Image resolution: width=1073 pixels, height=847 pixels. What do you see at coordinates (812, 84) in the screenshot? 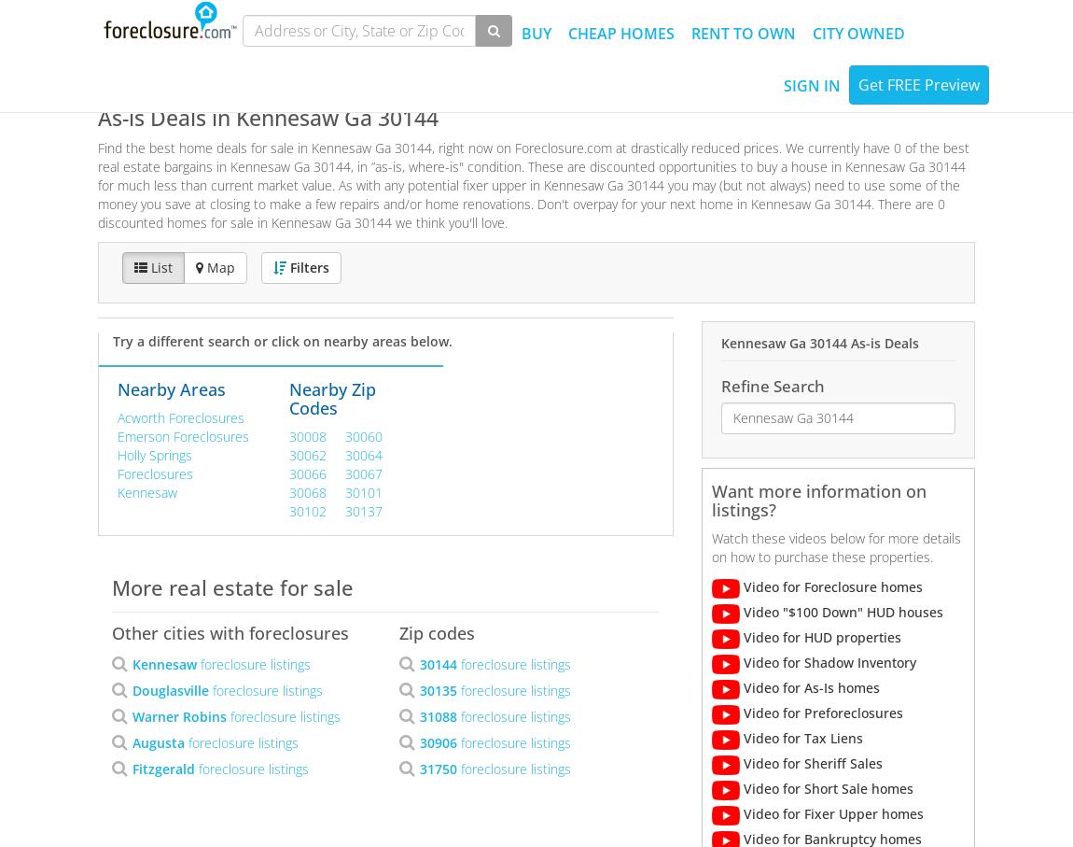
I see `'Sign In'` at bounding box center [812, 84].